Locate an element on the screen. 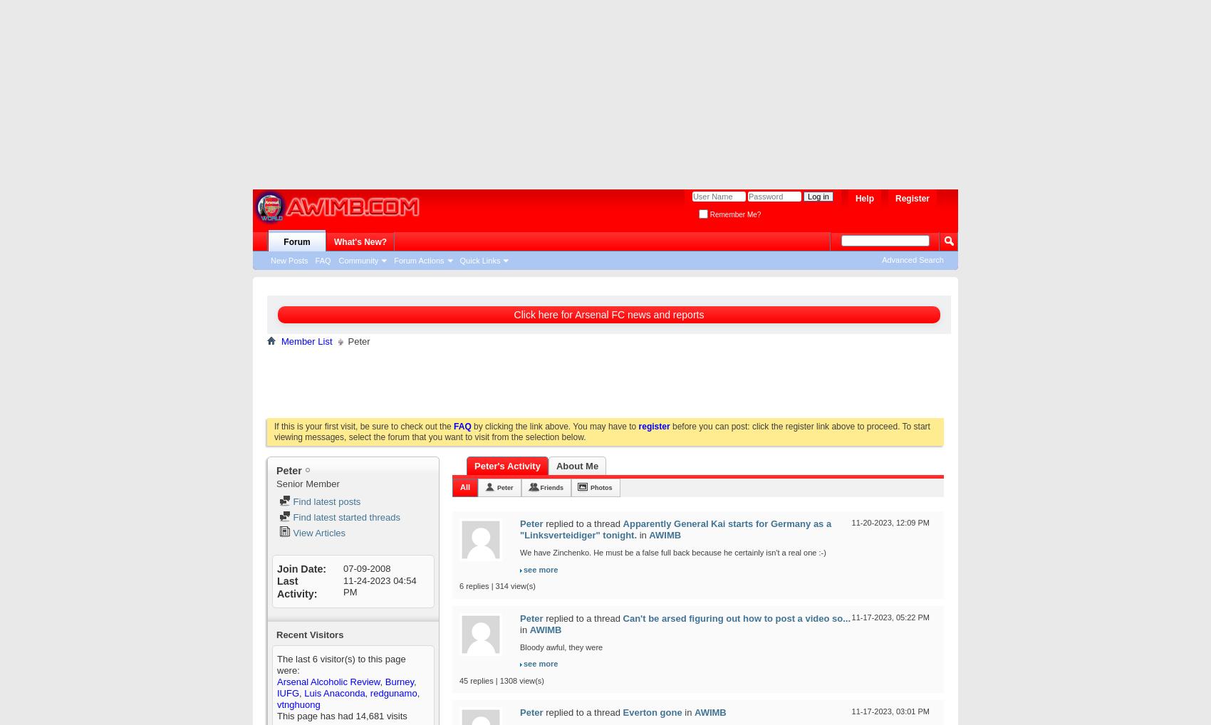  'Apparently General Kai starts for Germany as a "Linksverteidiger" tonight.' is located at coordinates (675, 528).